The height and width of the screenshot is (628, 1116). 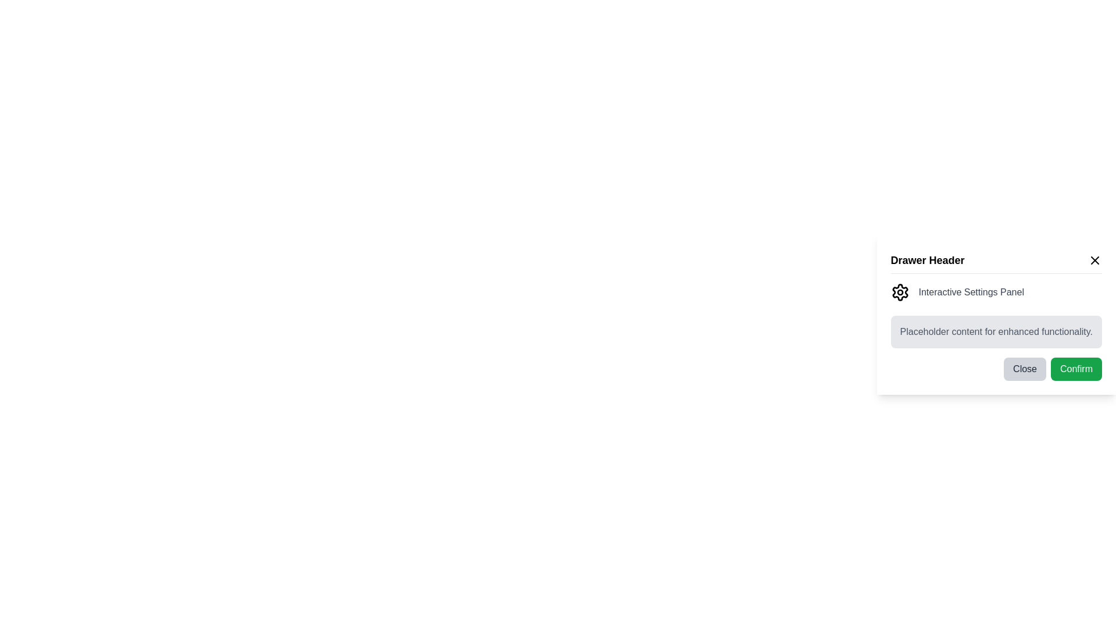 What do you see at coordinates (1076, 369) in the screenshot?
I see `the confirmation button located in the bottom-right corner of the dialog box under 'Drawer Header' to finalize an operation` at bounding box center [1076, 369].